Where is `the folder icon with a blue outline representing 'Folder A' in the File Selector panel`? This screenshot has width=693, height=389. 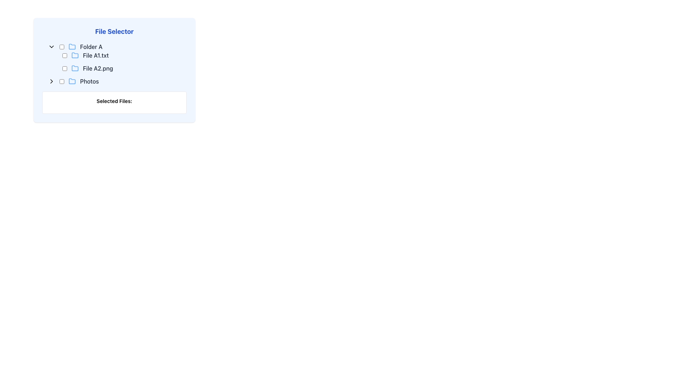
the folder icon with a blue outline representing 'Folder A' in the File Selector panel is located at coordinates (72, 46).